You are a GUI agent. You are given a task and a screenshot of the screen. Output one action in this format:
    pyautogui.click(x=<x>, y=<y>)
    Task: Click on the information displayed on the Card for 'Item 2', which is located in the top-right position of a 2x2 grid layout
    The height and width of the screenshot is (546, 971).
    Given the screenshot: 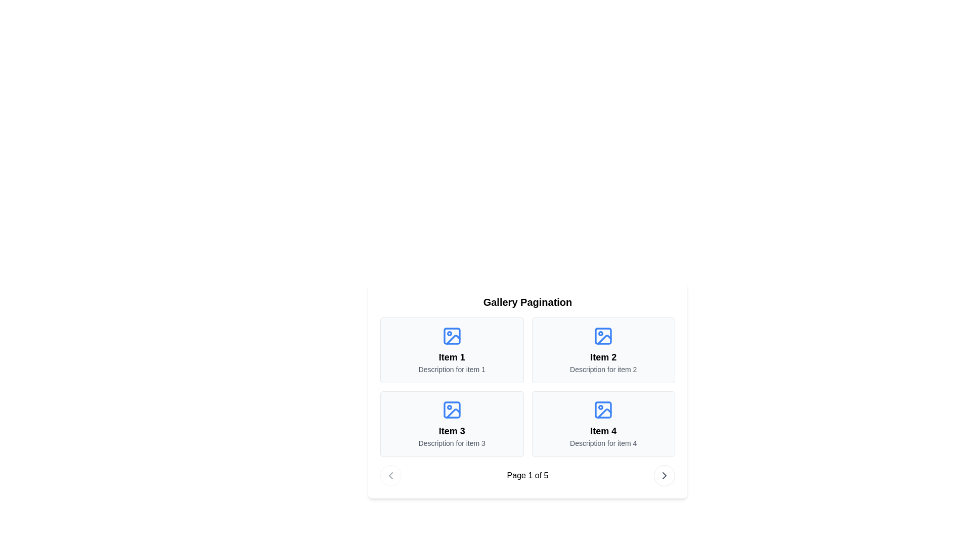 What is the action you would take?
    pyautogui.click(x=603, y=350)
    